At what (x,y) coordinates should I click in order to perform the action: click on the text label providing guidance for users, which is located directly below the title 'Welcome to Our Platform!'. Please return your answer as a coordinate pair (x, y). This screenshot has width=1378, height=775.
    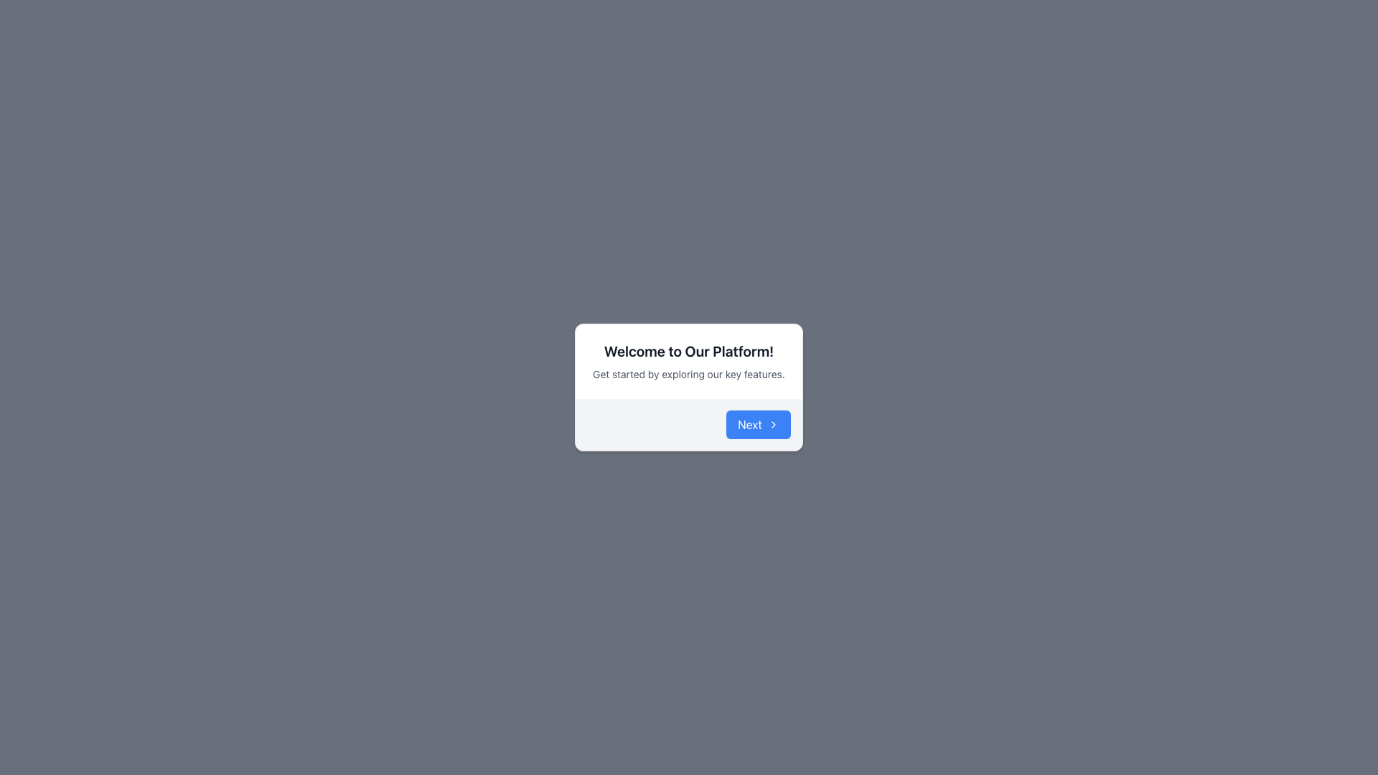
    Looking at the image, I should click on (689, 373).